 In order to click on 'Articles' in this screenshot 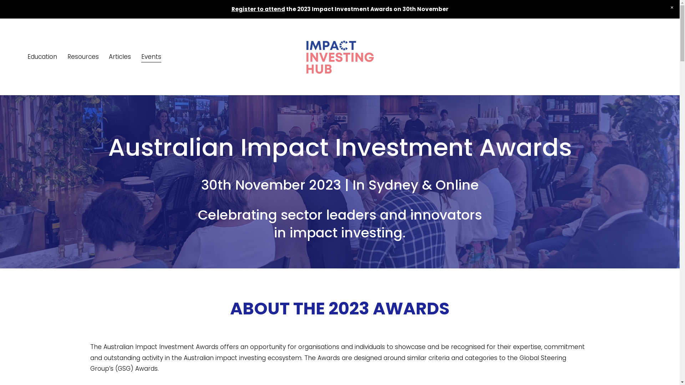, I will do `click(120, 56)`.